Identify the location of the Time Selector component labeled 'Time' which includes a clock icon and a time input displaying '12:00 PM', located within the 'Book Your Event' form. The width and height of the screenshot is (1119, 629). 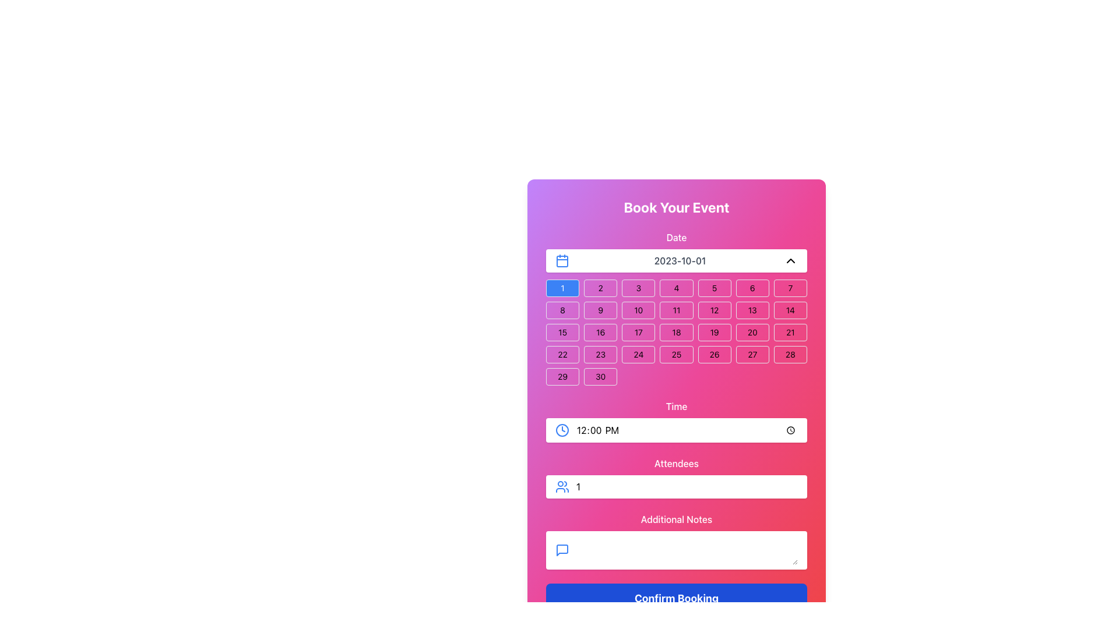
(677, 420).